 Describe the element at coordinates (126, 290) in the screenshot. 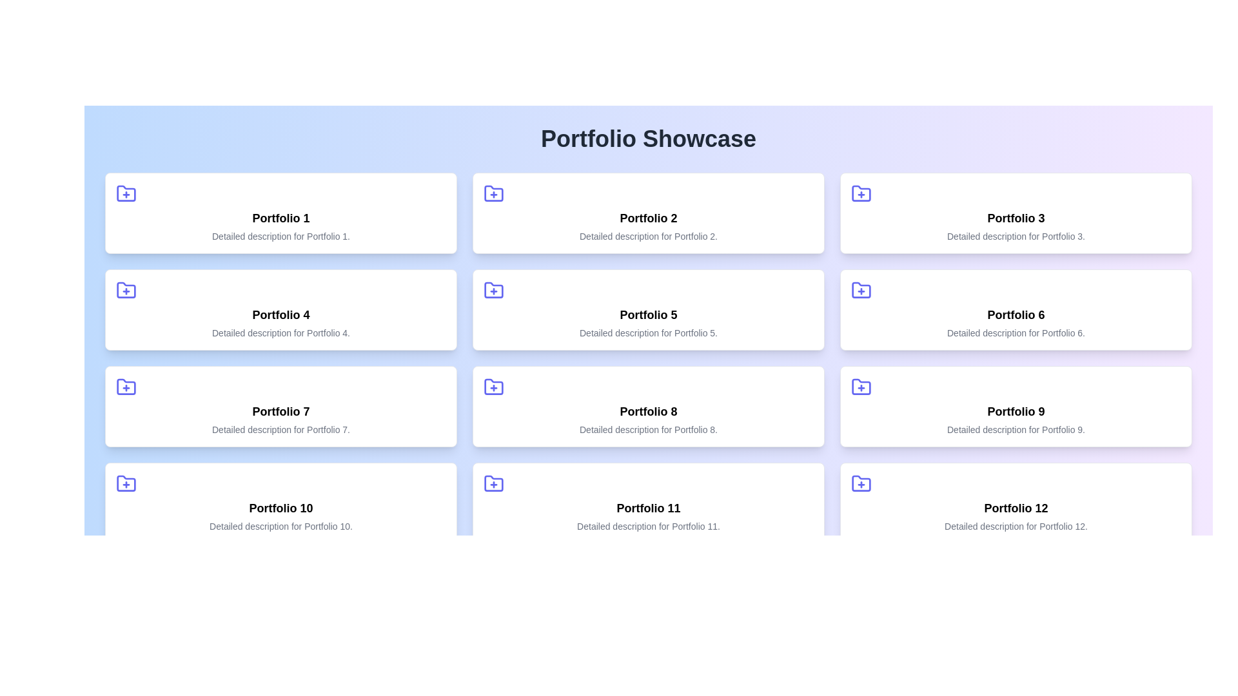

I see `the folder icon that indicates an action related to adding or creating associated with 'Portfolio 4', located to the left of the 'Portfolio 4' text and in the second row of the grid layout` at that location.